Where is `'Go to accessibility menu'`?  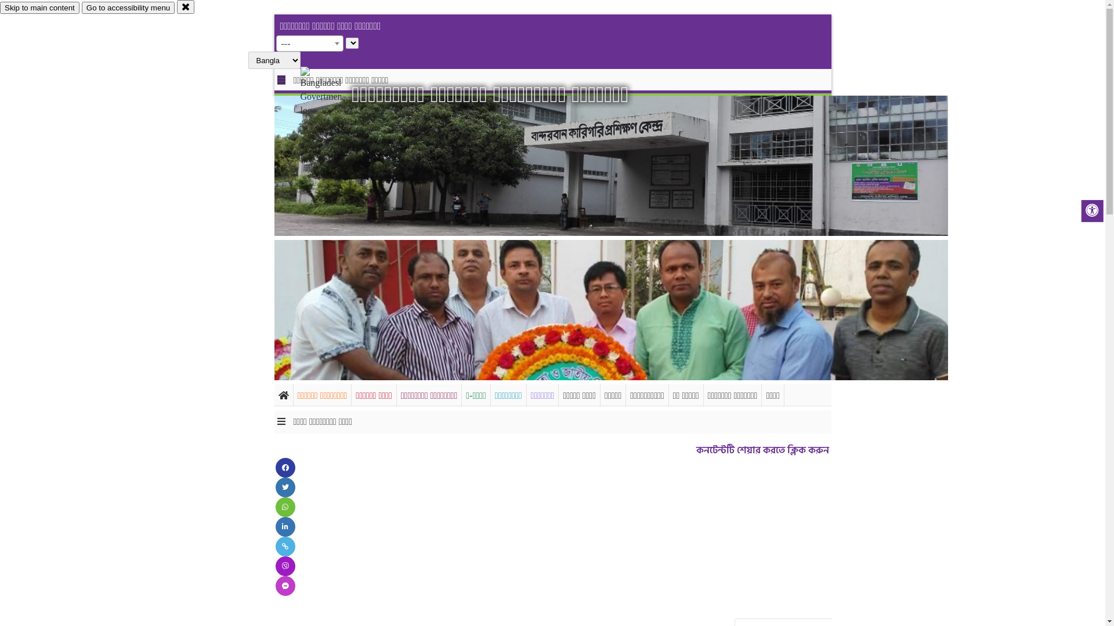
'Go to accessibility menu' is located at coordinates (128, 8).